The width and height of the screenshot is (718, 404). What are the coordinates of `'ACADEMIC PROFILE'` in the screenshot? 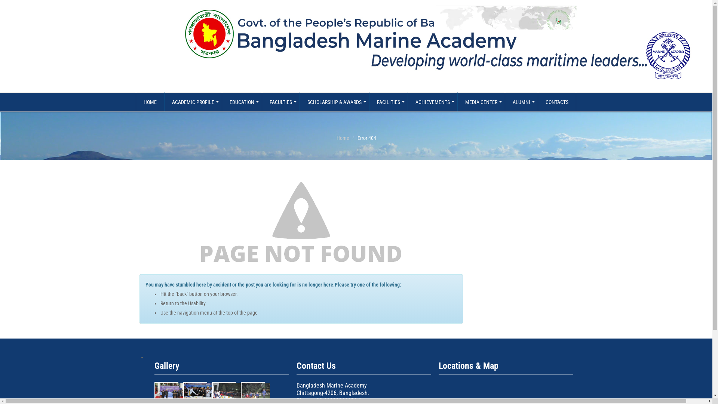 It's located at (163, 102).